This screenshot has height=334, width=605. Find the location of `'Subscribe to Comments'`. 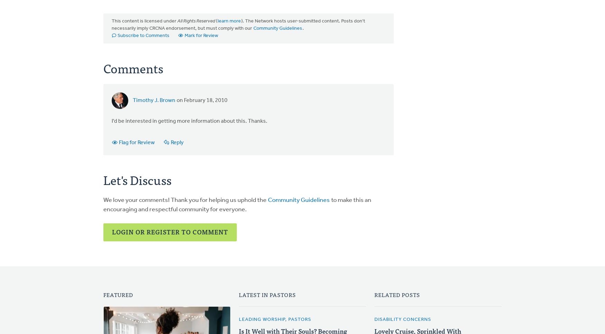

'Subscribe to Comments' is located at coordinates (143, 35).